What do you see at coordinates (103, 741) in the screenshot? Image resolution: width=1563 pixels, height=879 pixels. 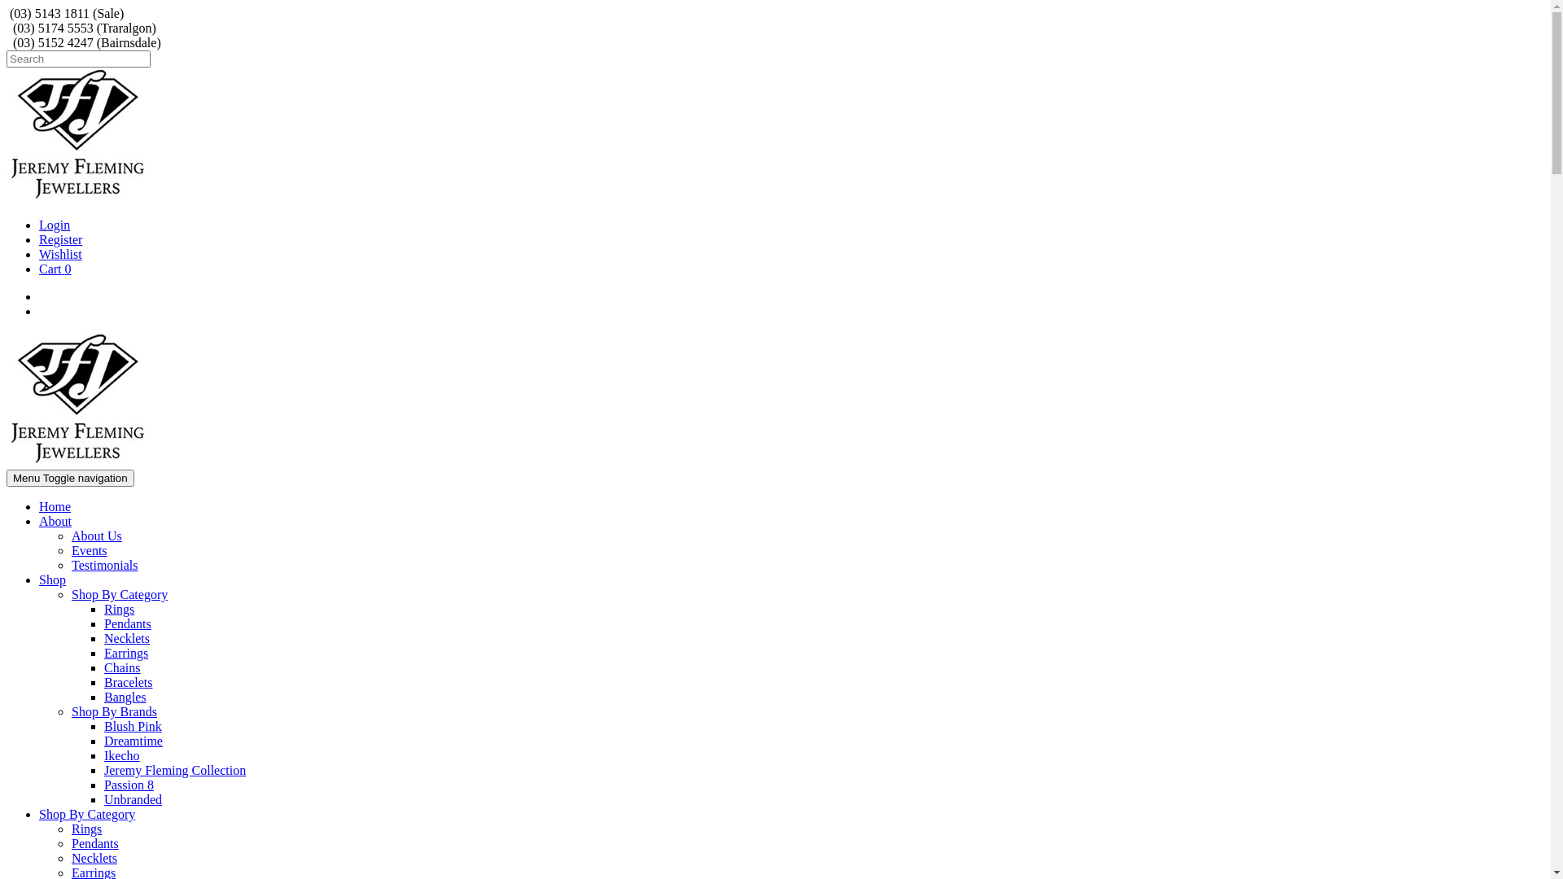 I see `'Dreamtime'` at bounding box center [103, 741].